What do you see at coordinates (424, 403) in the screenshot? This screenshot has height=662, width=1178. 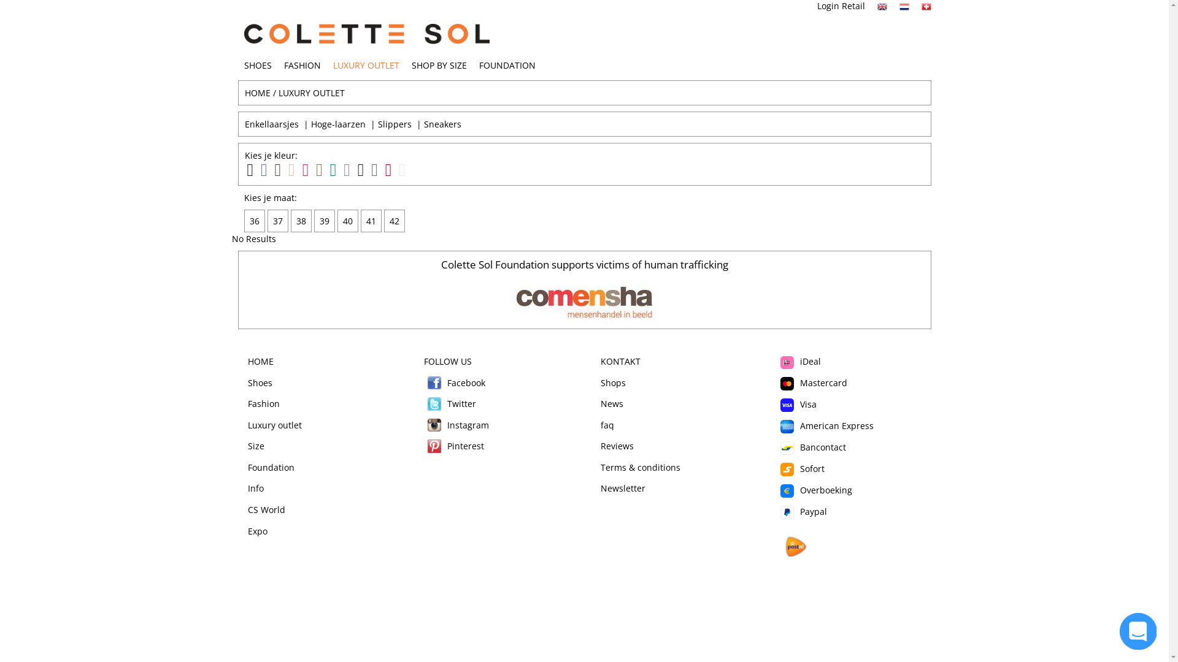 I see `' Twitter'` at bounding box center [424, 403].